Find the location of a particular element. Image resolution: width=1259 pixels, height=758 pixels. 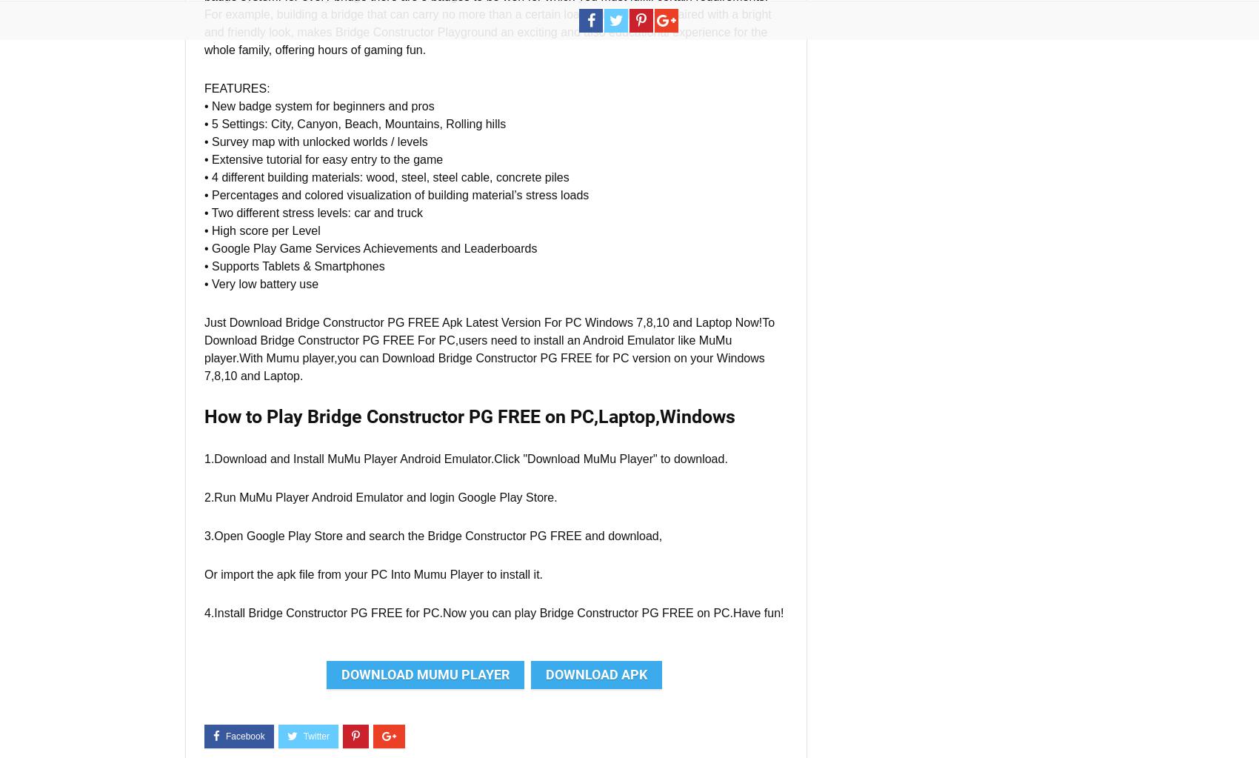

'• New badge system for beginners and pros' is located at coordinates (318, 105).